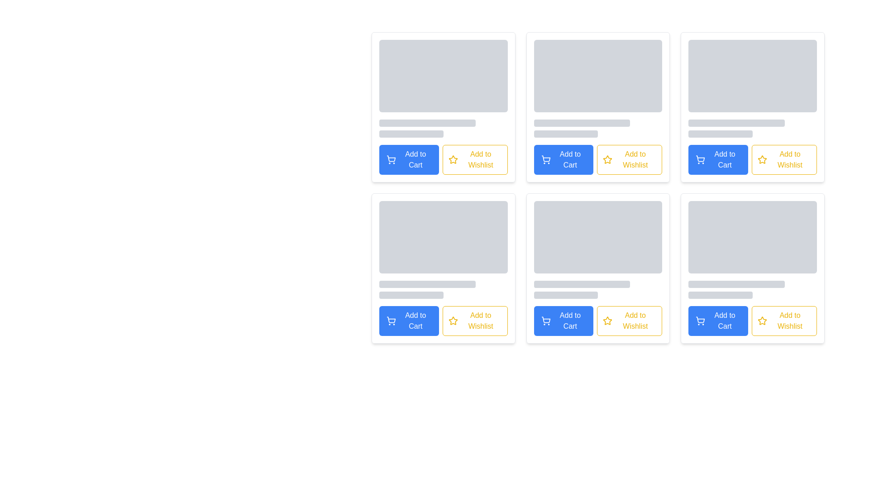 Image resolution: width=869 pixels, height=489 pixels. Describe the element at coordinates (411, 295) in the screenshot. I see `the gray, rounded rectangular bar that is narrower than others, located below a wider gray bar and above interactive buttons` at that location.